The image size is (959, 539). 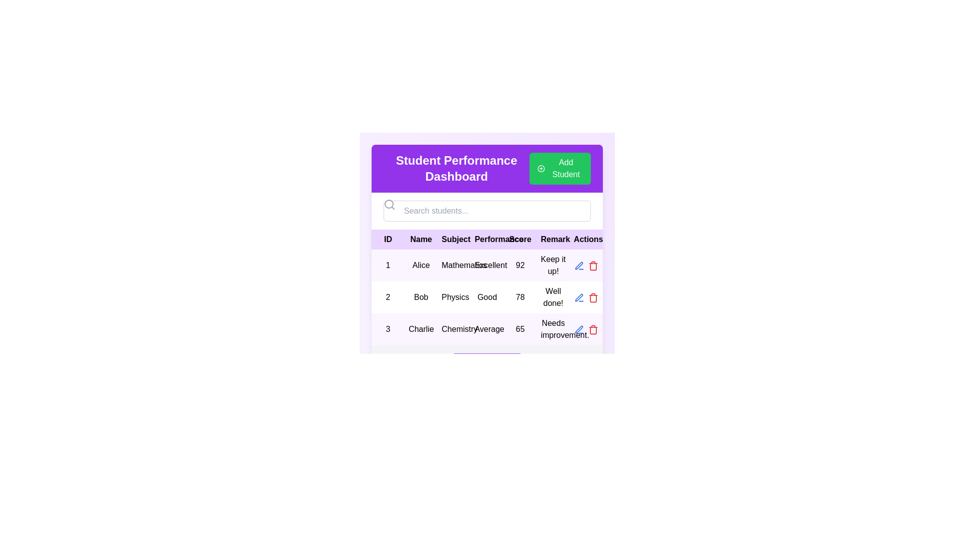 I want to click on the 'Physics' text label displayed in black font on a white background, located in the third column of the second row of the table, so click(x=454, y=297).